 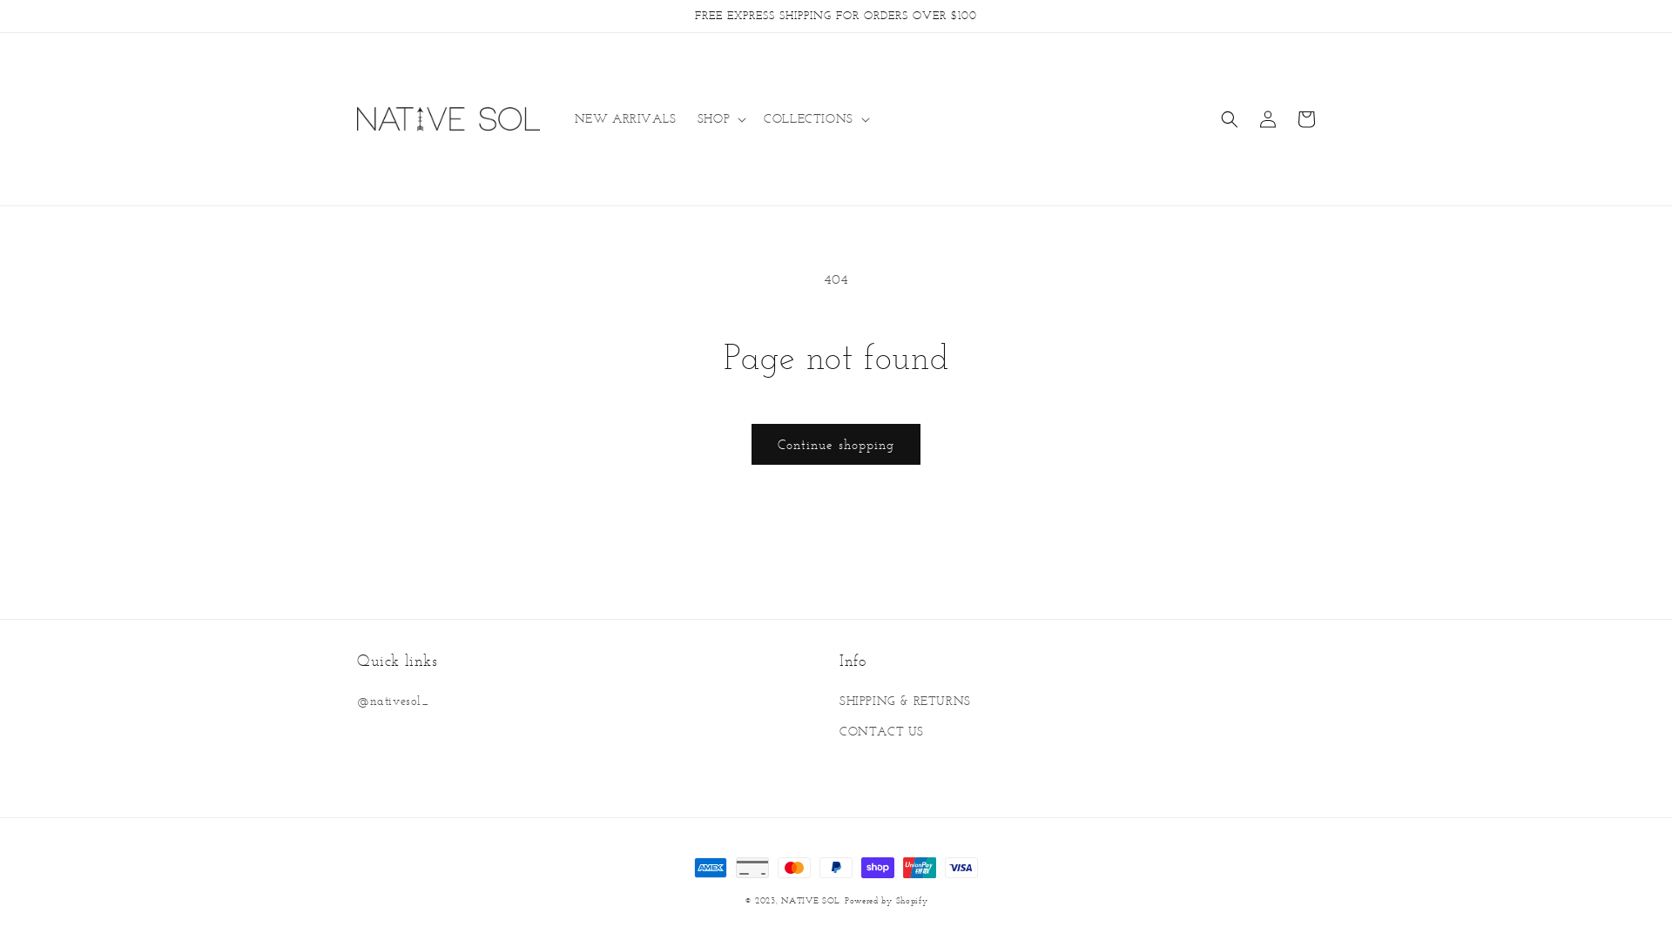 I want to click on 'Log in', so click(x=1248, y=118).